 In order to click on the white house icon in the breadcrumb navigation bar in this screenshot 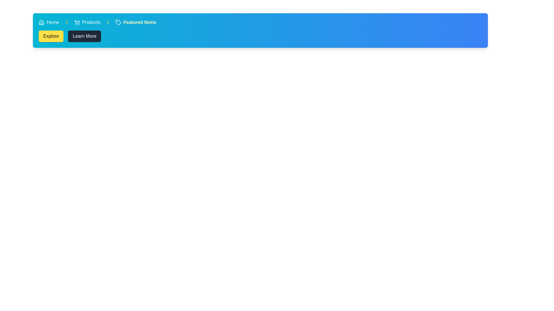, I will do `click(41, 22)`.